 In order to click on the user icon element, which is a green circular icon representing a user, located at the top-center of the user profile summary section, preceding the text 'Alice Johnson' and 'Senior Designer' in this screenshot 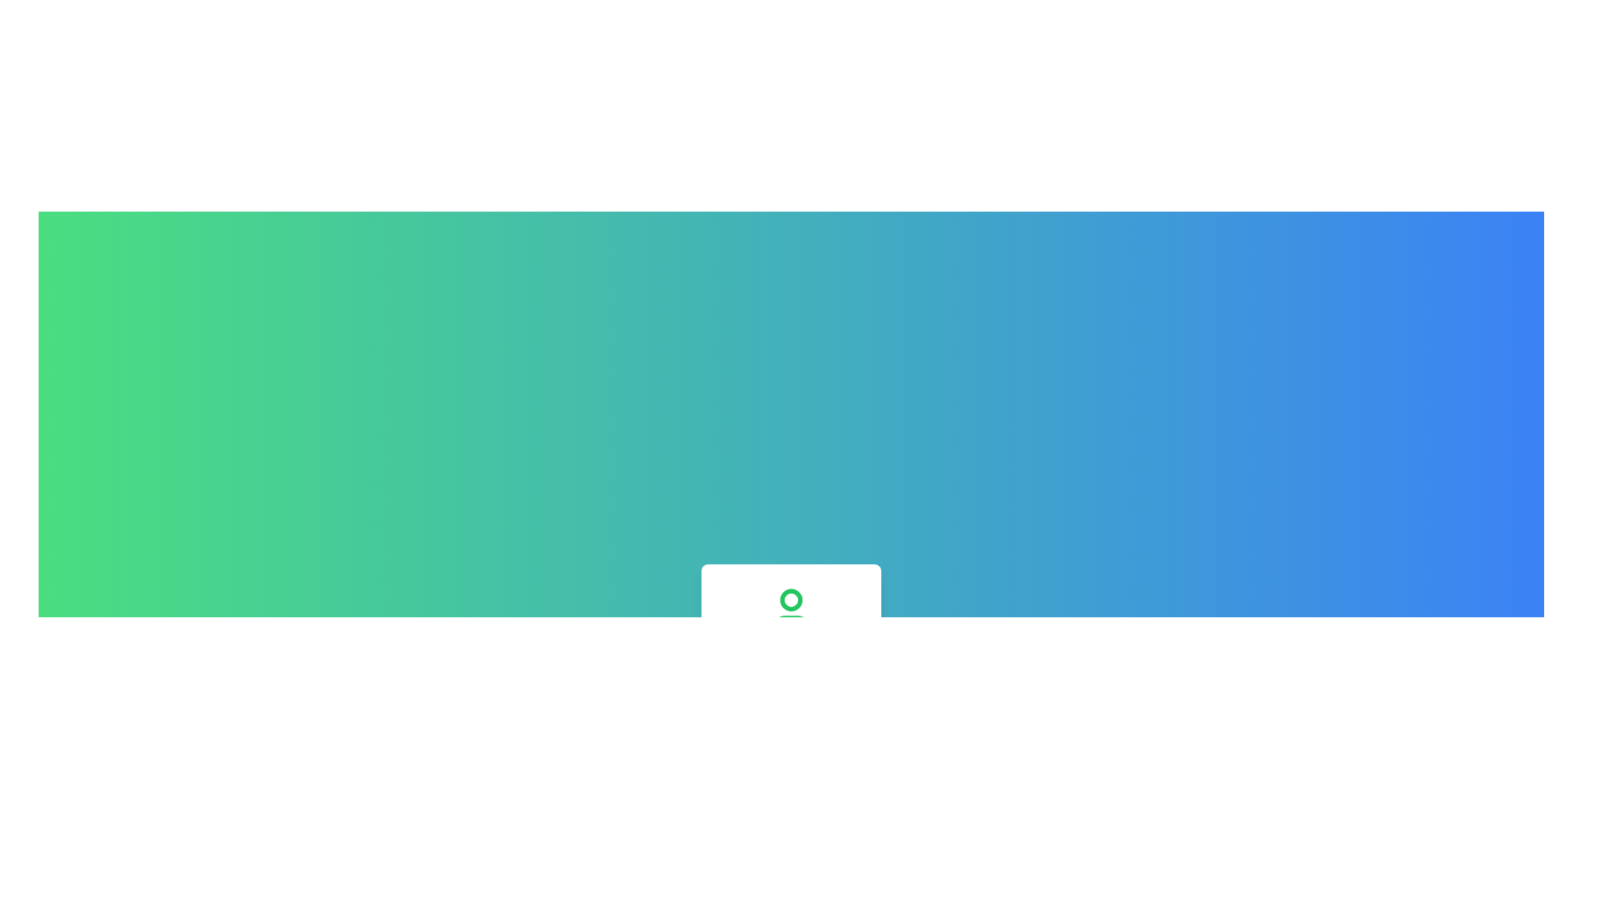, I will do `click(790, 611)`.